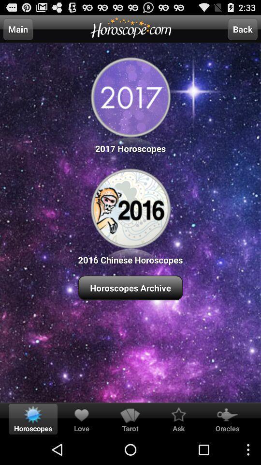  Describe the element at coordinates (130, 215) in the screenshot. I see `the item below the 2017 horoscopes icon` at that location.